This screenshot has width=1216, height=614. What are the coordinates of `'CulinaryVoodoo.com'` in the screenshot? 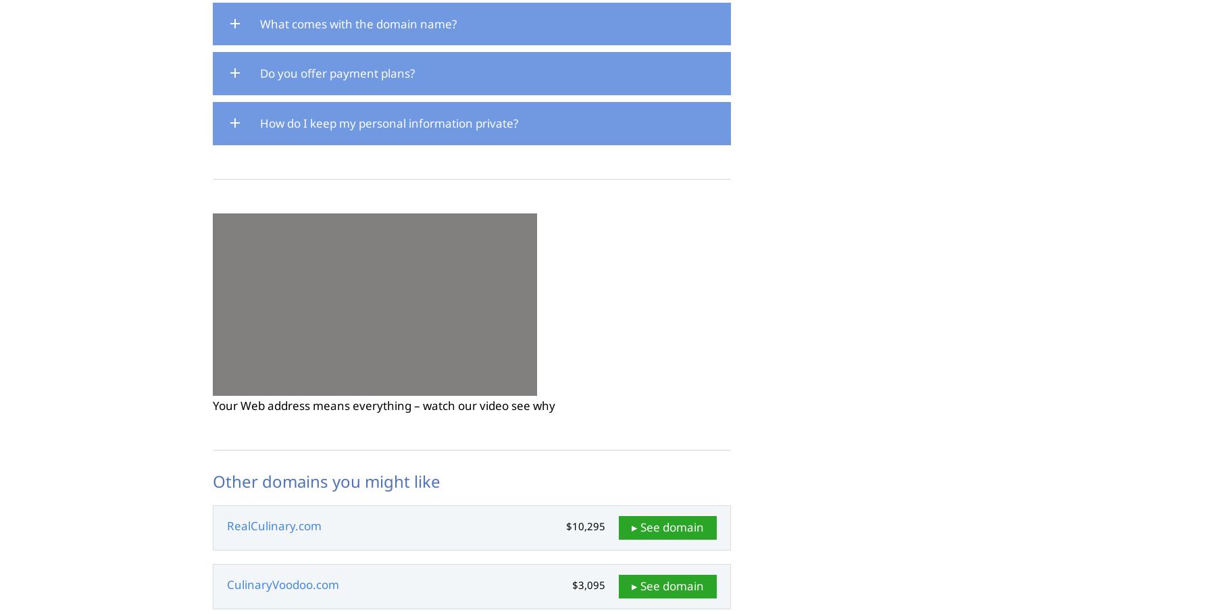 It's located at (283, 583).